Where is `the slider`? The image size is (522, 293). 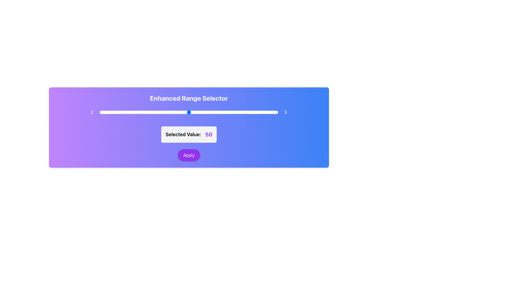 the slider is located at coordinates (167, 112).